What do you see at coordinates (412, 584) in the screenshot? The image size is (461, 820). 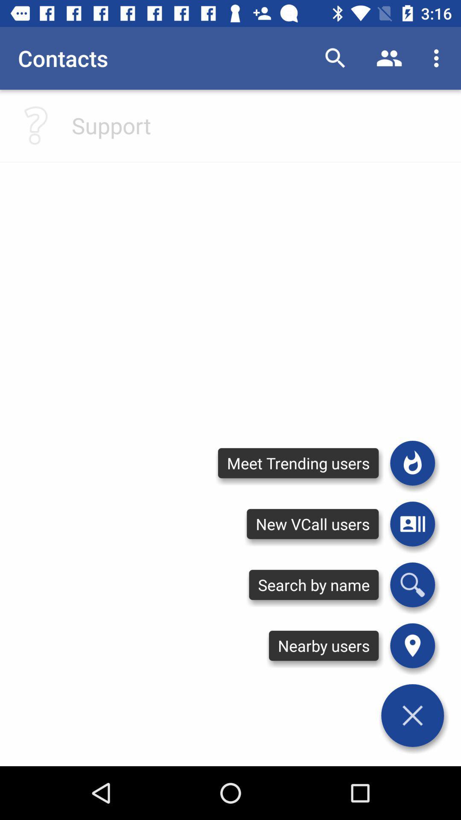 I see `the search icon` at bounding box center [412, 584].